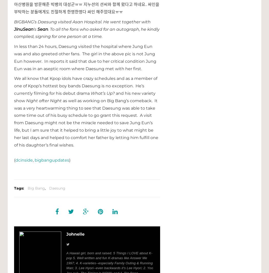 The height and width of the screenshot is (273, 269). Describe the element at coordinates (85, 57) in the screenshot. I see `'In less than 24 hours, Daesung visited the hospital where Jung Eun was and also greeted other fans.  The girl in the above pic is not Jung Eun however.  In reports it said that due to her critical condition Jung Eun was in an aseptic room where Daesung met with her first.'` at that location.